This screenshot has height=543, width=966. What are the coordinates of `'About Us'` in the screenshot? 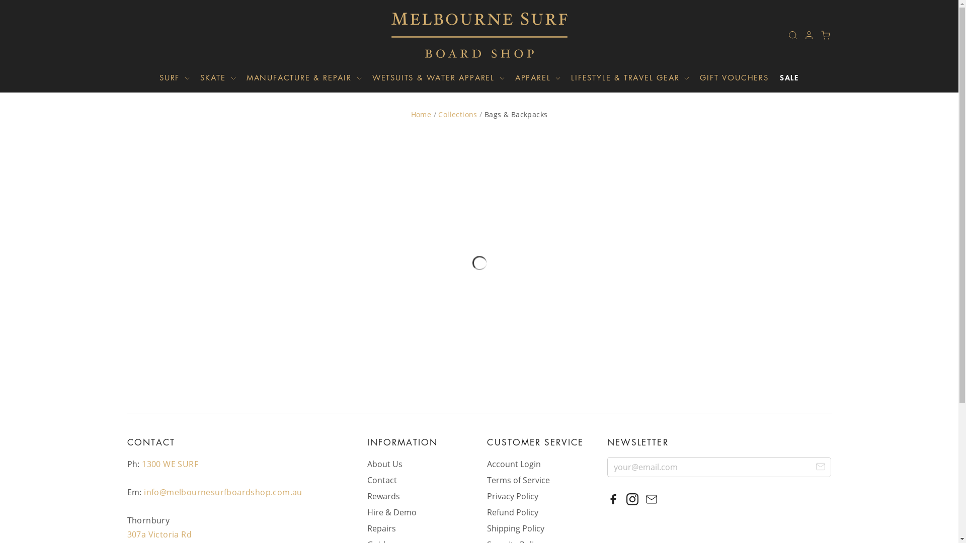 It's located at (384, 464).